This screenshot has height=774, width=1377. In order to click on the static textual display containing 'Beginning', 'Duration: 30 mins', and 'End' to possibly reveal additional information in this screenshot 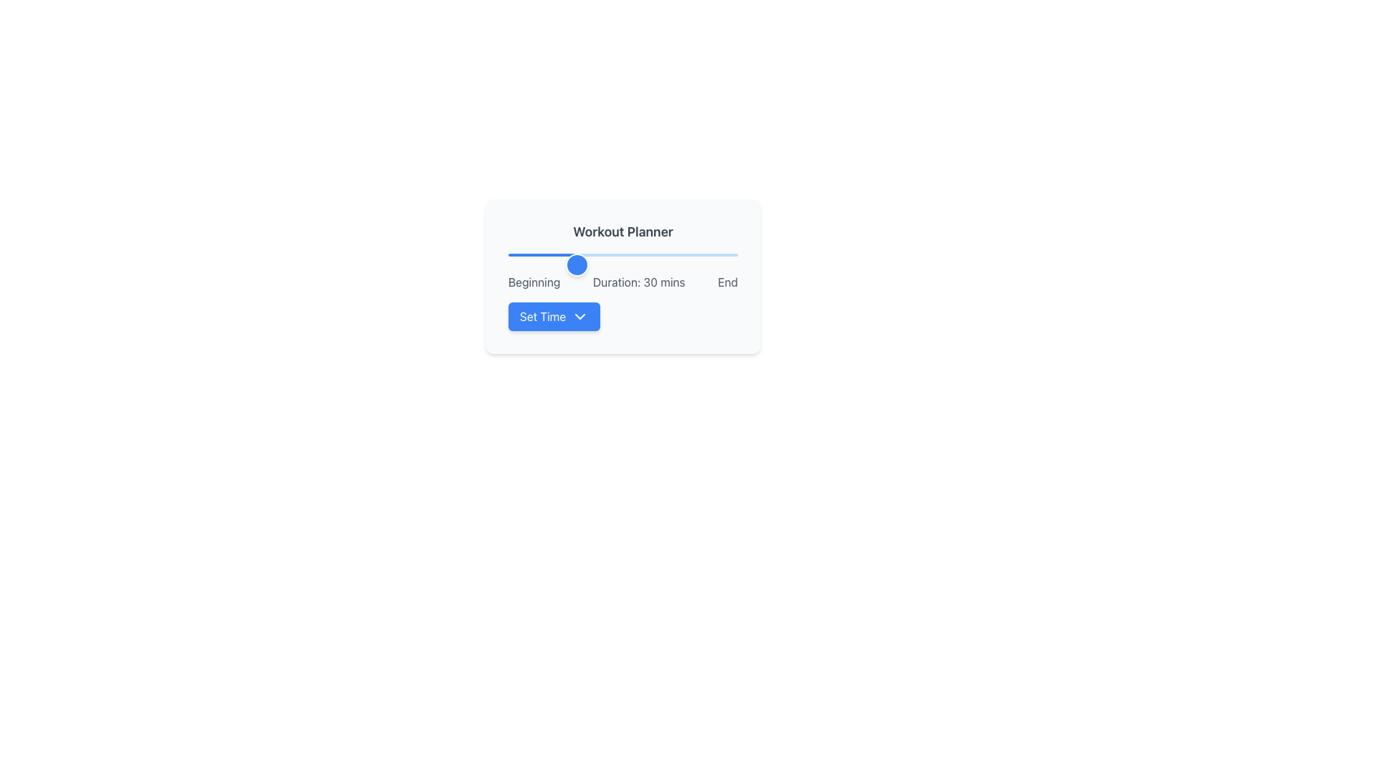, I will do `click(623, 282)`.